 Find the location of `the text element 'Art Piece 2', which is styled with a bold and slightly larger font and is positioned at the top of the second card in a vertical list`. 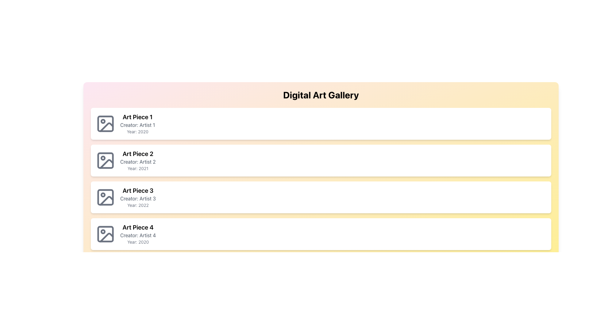

the text element 'Art Piece 2', which is styled with a bold and slightly larger font and is positioned at the top of the second card in a vertical list is located at coordinates (137, 153).